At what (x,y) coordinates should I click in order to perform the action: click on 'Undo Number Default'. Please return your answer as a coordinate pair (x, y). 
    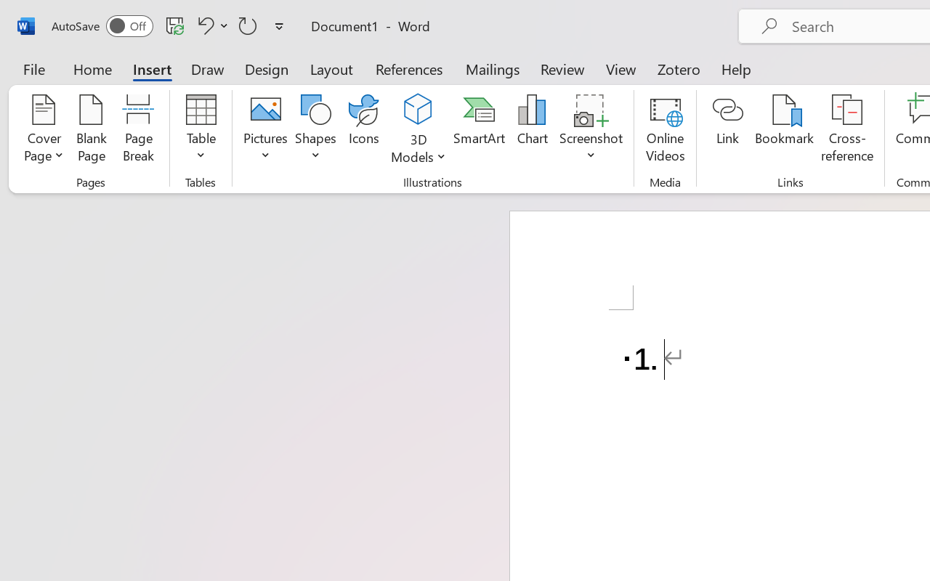
    Looking at the image, I should click on (210, 25).